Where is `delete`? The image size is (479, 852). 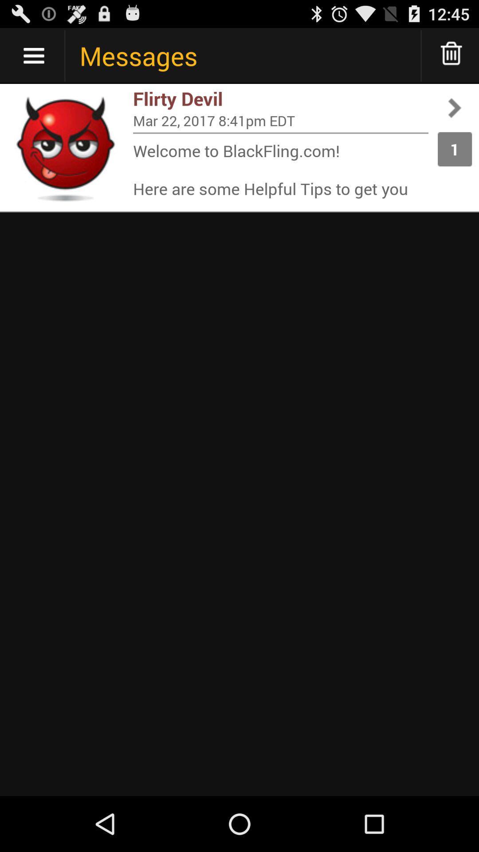 delete is located at coordinates (452, 55).